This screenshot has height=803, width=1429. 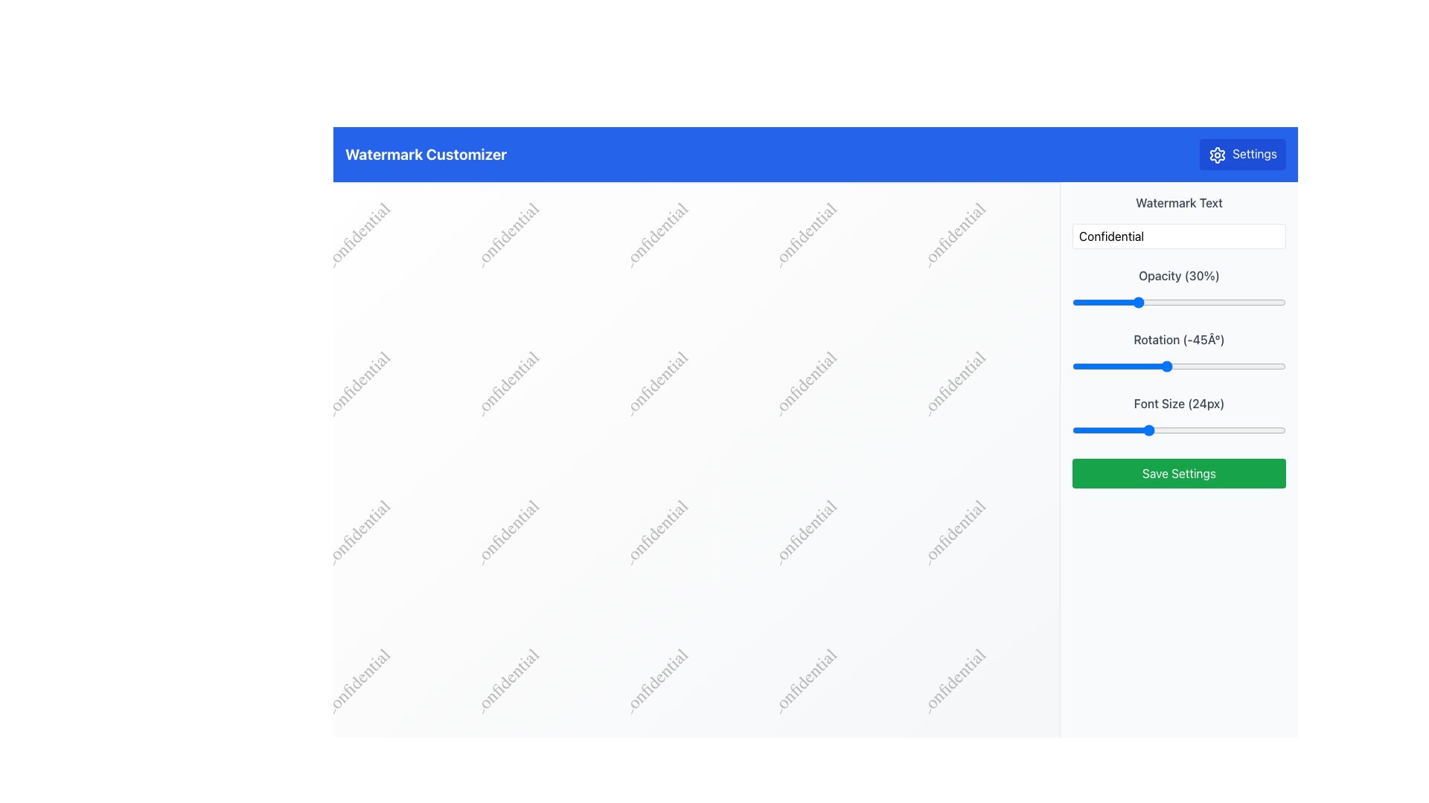 What do you see at coordinates (1177, 366) in the screenshot?
I see `rotation` at bounding box center [1177, 366].